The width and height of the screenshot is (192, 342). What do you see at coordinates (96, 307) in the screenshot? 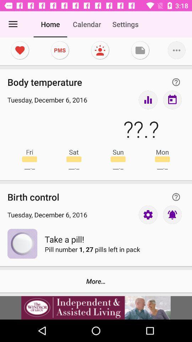
I see `advertisement banner` at bounding box center [96, 307].